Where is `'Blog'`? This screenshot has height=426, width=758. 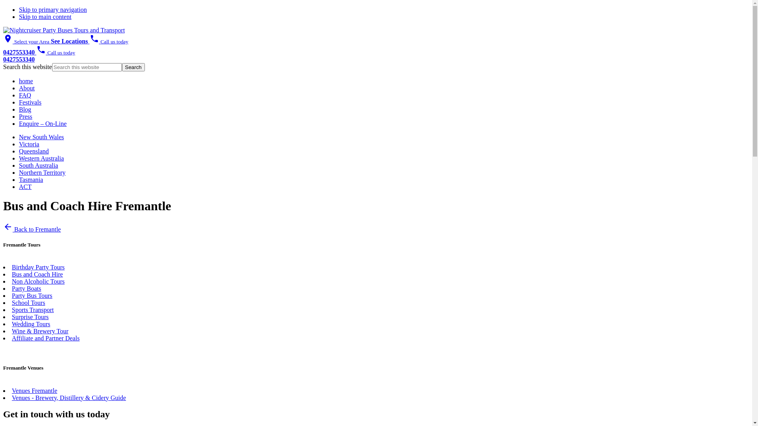
'Blog' is located at coordinates (25, 109).